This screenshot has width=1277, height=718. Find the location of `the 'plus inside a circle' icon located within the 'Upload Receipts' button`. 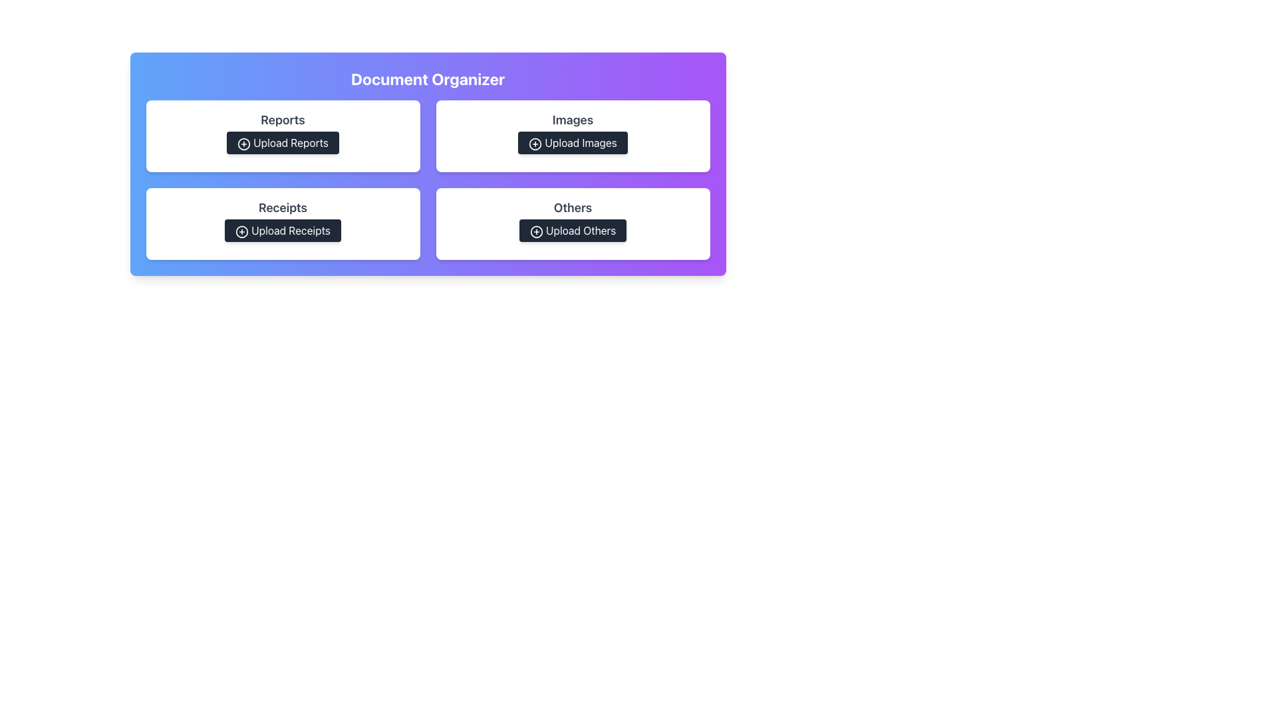

the 'plus inside a circle' icon located within the 'Upload Receipts' button is located at coordinates (242, 231).